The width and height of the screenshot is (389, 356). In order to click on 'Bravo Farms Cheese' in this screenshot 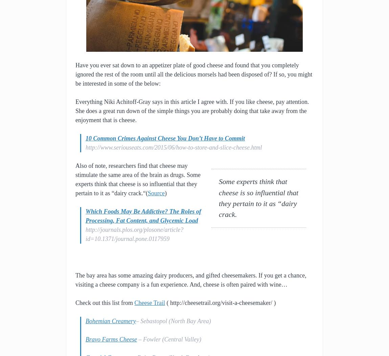, I will do `click(111, 339)`.